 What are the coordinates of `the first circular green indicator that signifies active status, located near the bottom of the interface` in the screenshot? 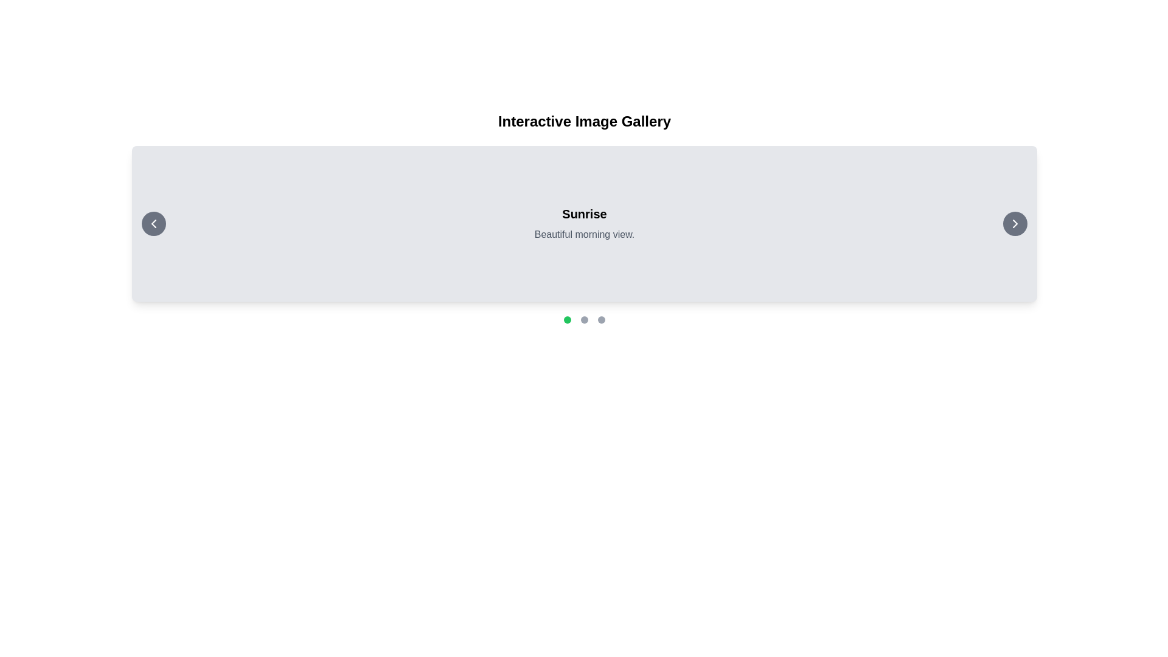 It's located at (566, 319).